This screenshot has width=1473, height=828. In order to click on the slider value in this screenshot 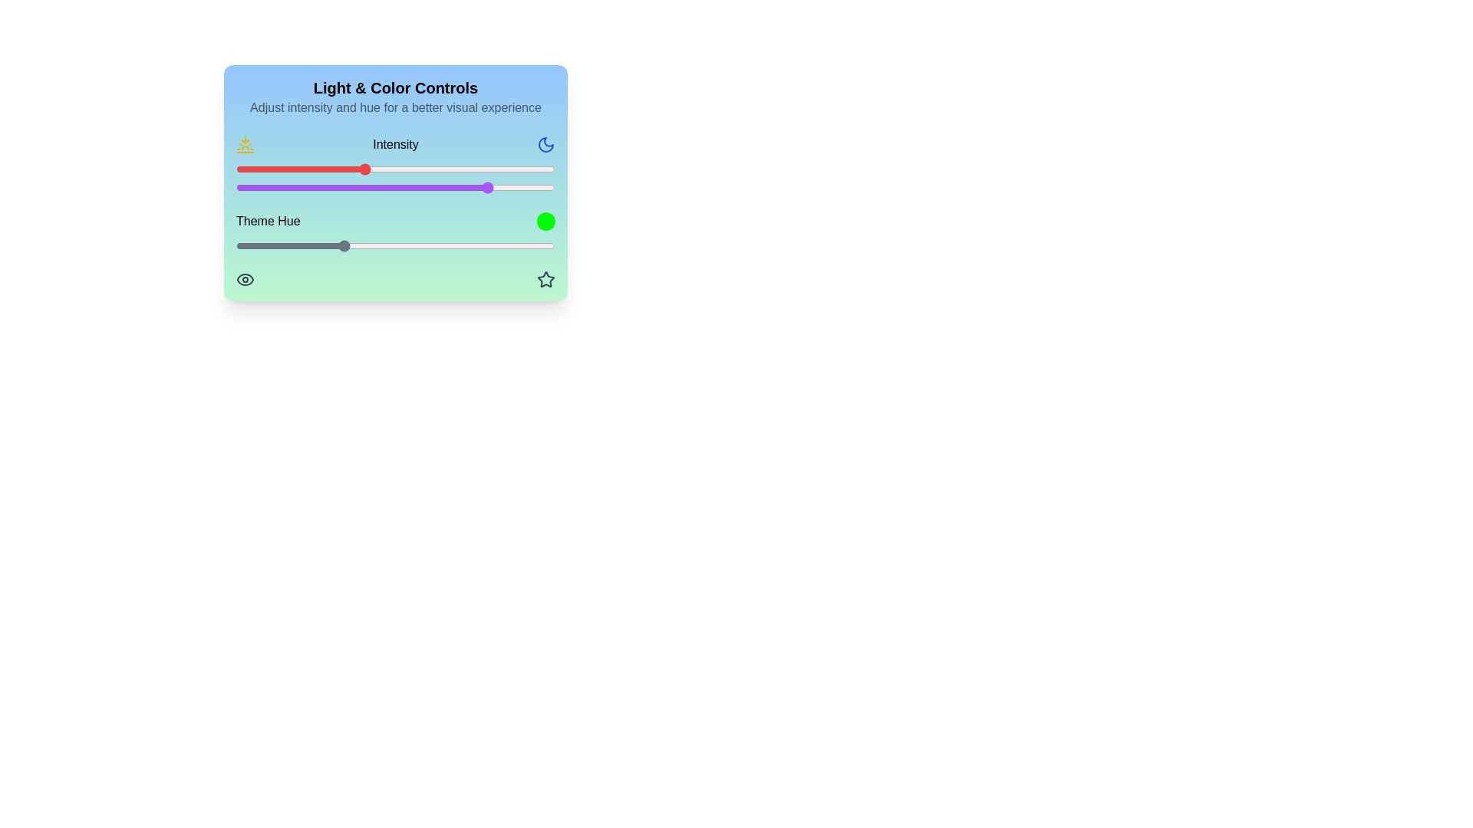, I will do `click(481, 187)`.